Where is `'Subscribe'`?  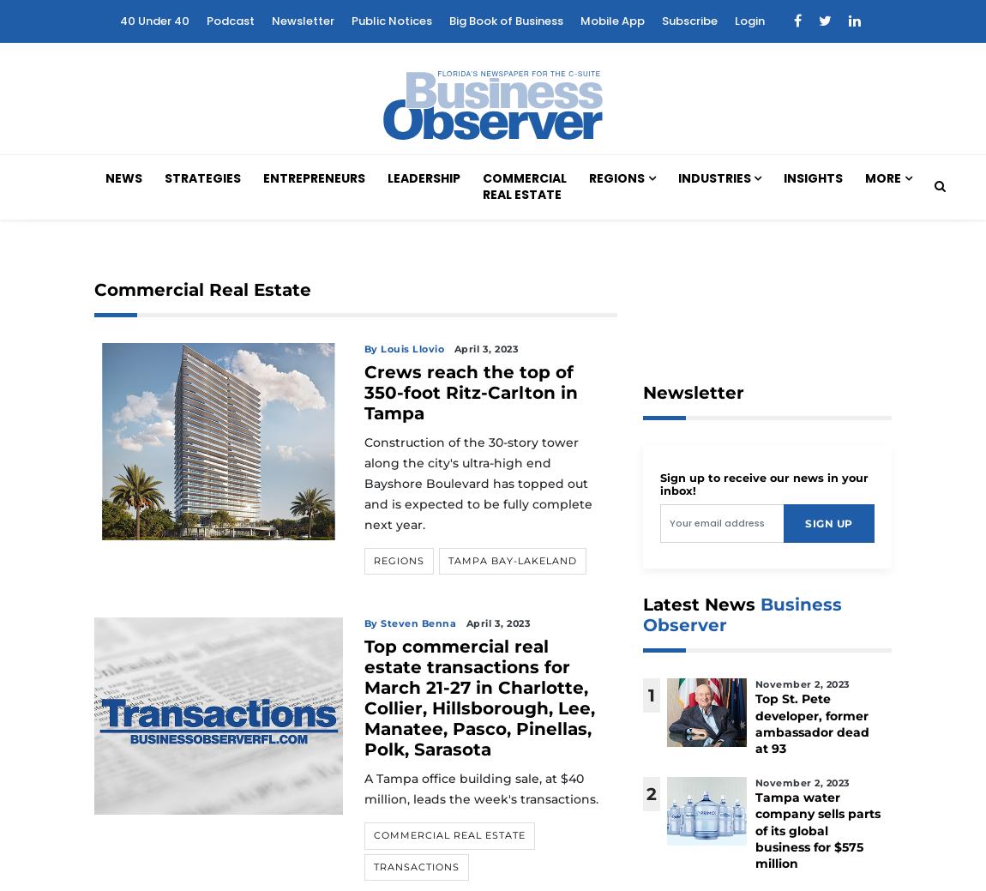
'Subscribe' is located at coordinates (660, 20).